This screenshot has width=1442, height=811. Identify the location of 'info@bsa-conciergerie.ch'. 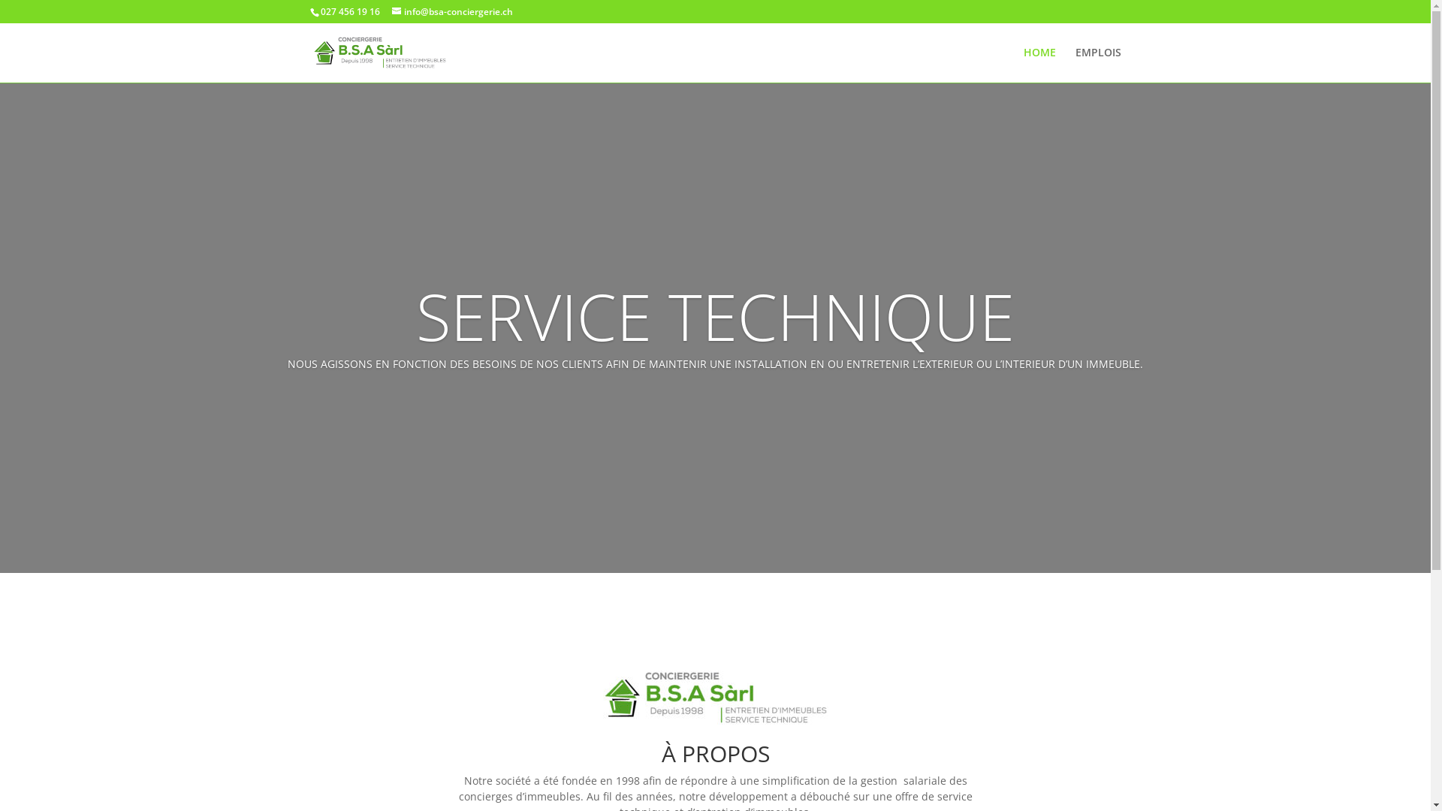
(451, 11).